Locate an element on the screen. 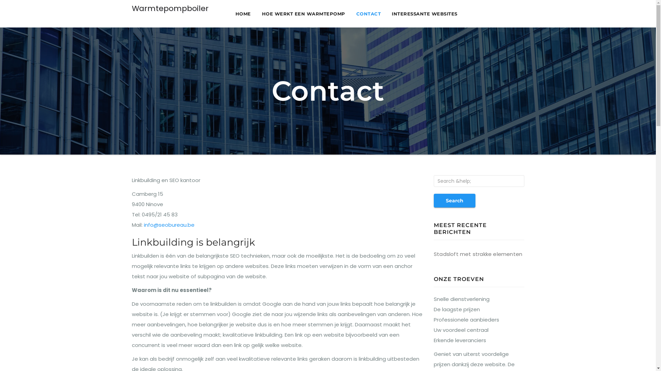 The image size is (661, 371). 'CONTACT' is located at coordinates (368, 13).